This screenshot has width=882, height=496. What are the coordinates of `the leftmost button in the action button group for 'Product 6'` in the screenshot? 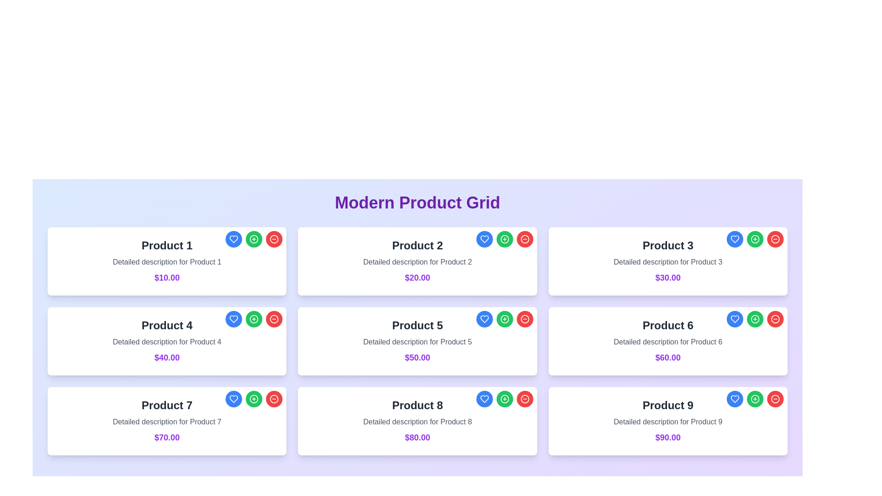 It's located at (734, 318).